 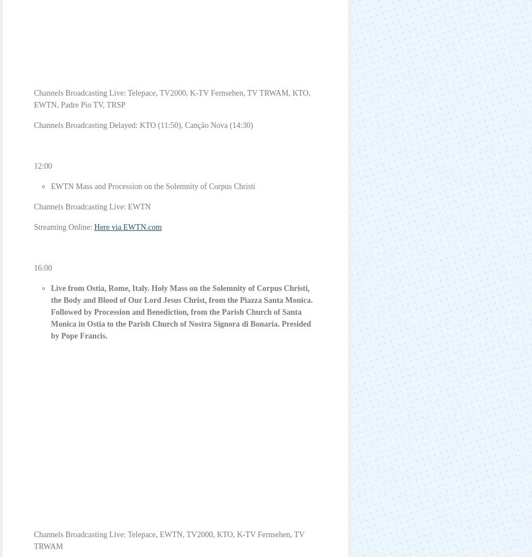 I want to click on 'Channels Broadcasting Live: EWTN', so click(x=92, y=206).